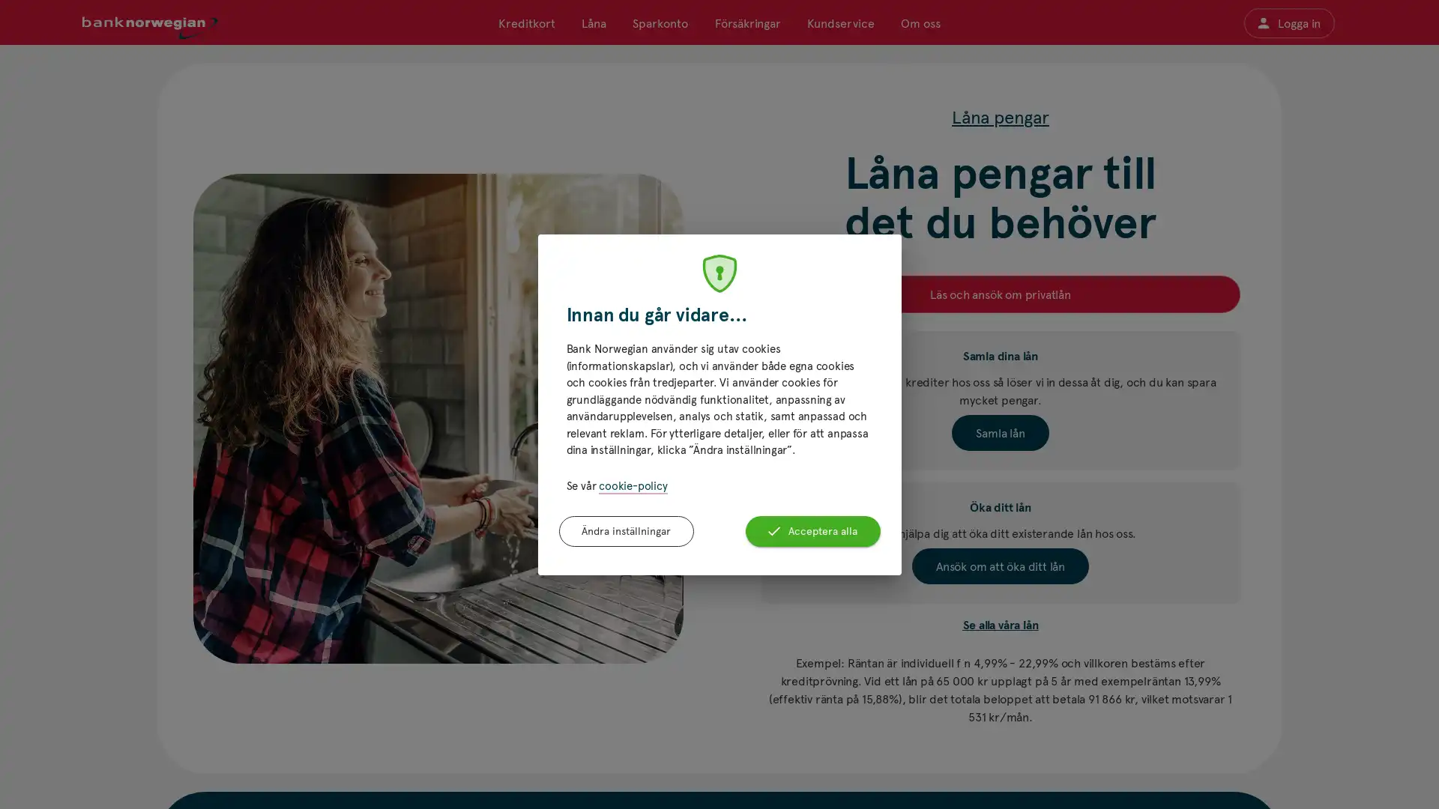  I want to click on Om oss, so click(919, 22).